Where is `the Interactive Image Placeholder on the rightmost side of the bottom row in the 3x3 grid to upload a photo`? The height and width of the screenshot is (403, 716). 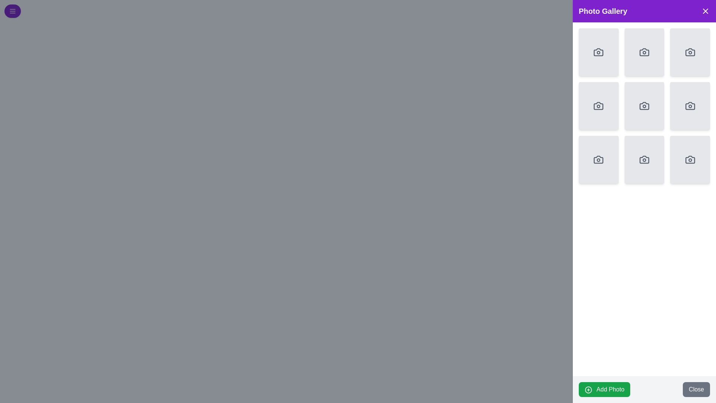
the Interactive Image Placeholder on the rightmost side of the bottom row in the 3x3 grid to upload a photo is located at coordinates (689, 159).